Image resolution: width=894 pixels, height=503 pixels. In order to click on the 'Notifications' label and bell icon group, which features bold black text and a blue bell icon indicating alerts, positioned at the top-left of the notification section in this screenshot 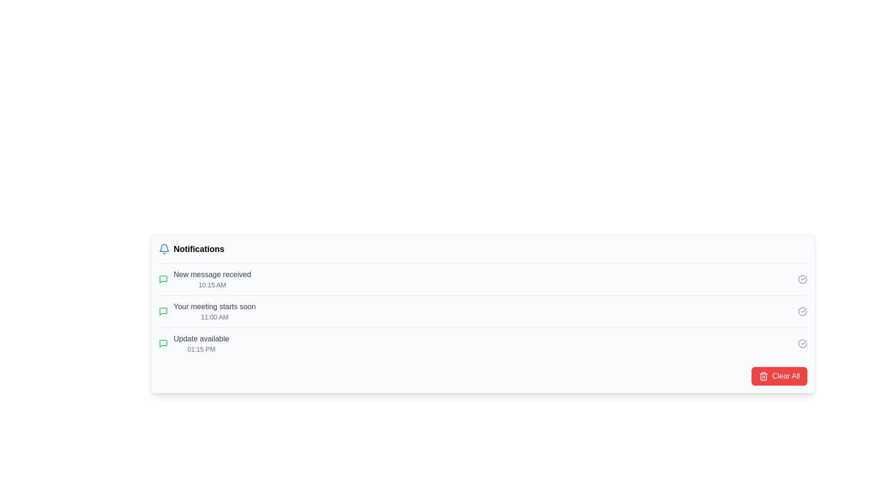, I will do `click(191, 249)`.